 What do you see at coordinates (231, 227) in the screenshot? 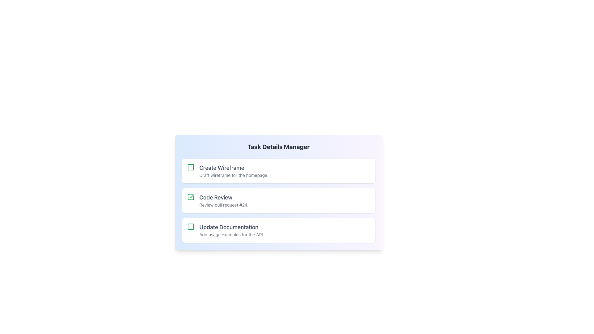
I see `the text label 'Update Documentation'` at bounding box center [231, 227].